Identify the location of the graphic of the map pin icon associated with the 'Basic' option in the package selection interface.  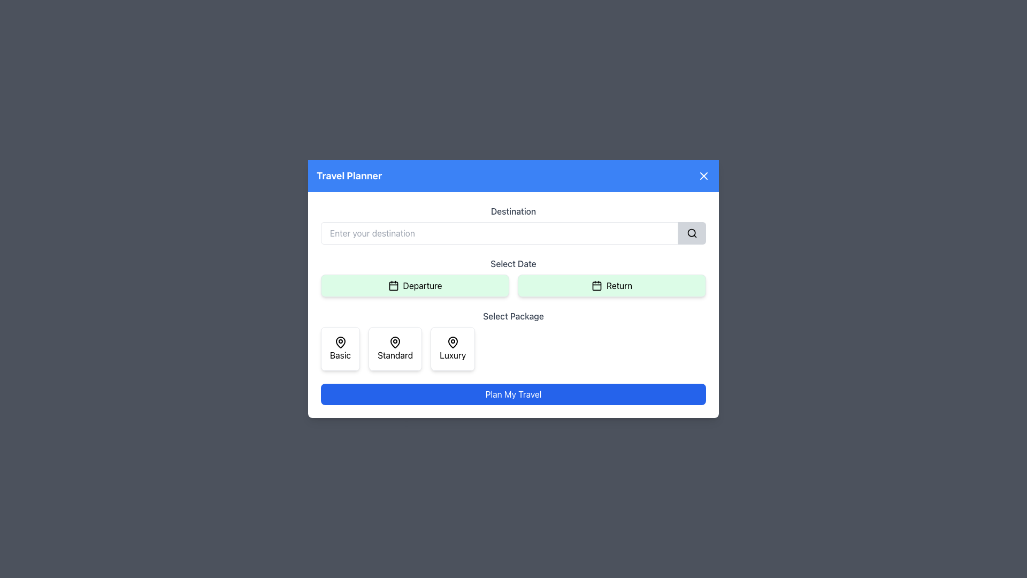
(340, 343).